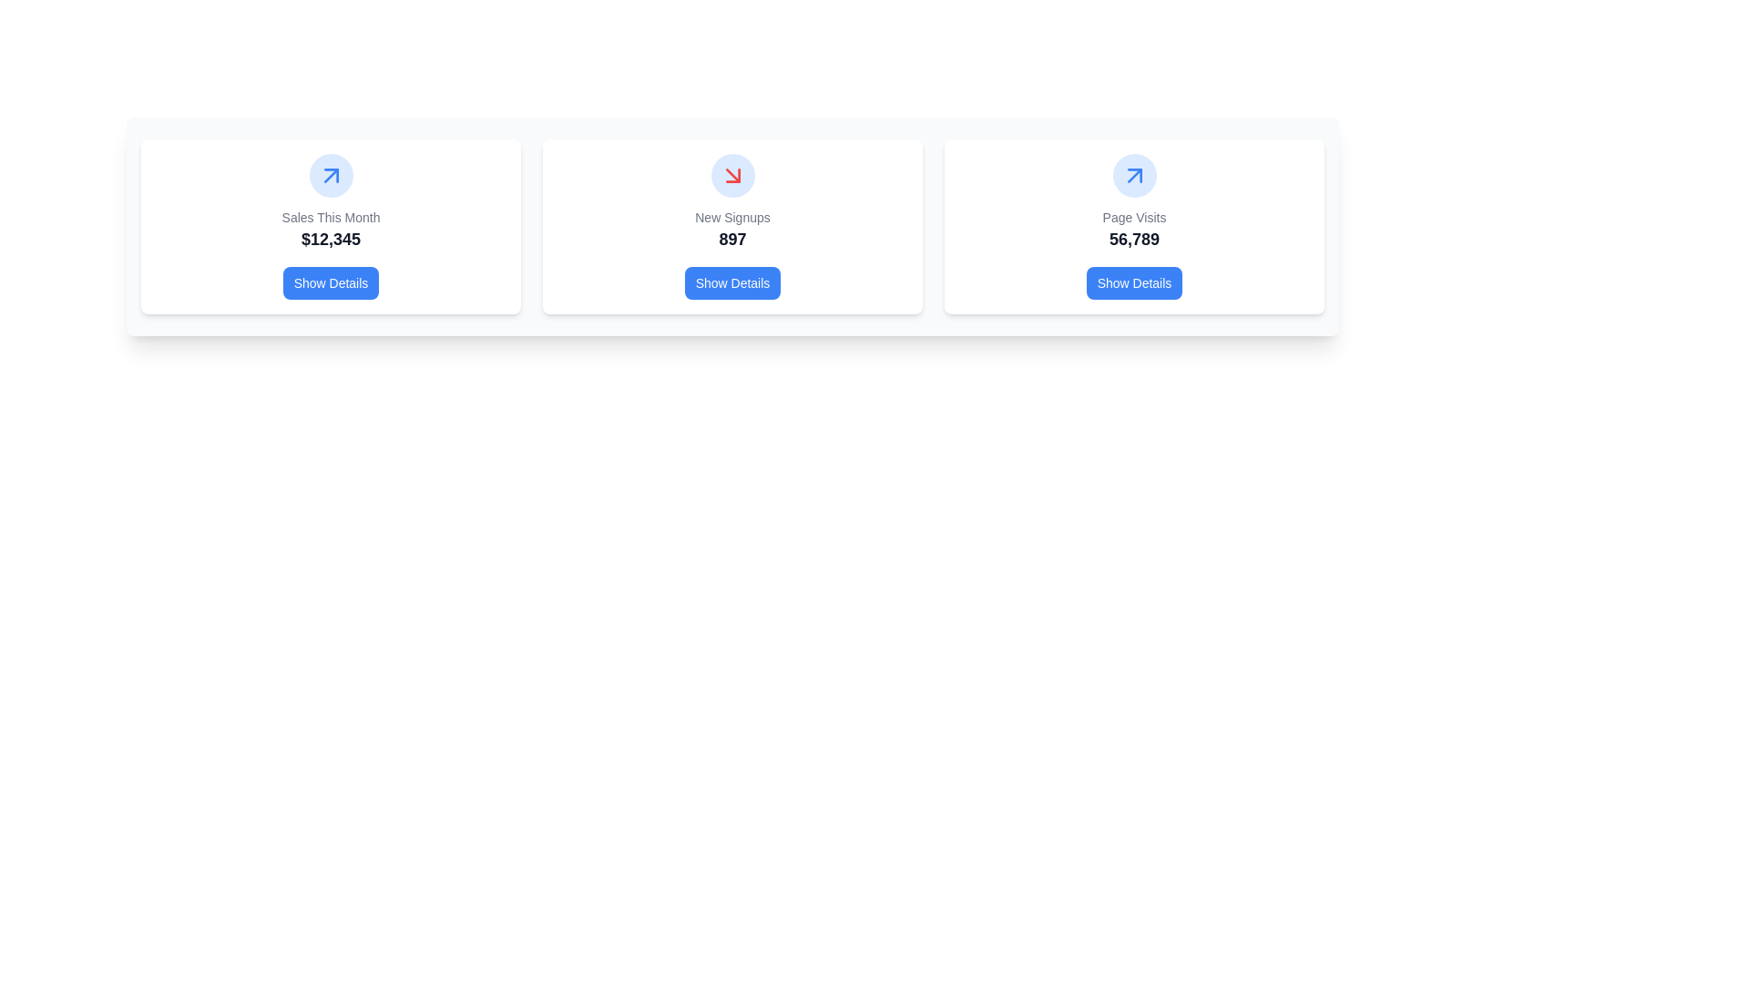 The height and width of the screenshot is (984, 1749). I want to click on the statistical figure text displaying the number of new signups, so click(732, 238).